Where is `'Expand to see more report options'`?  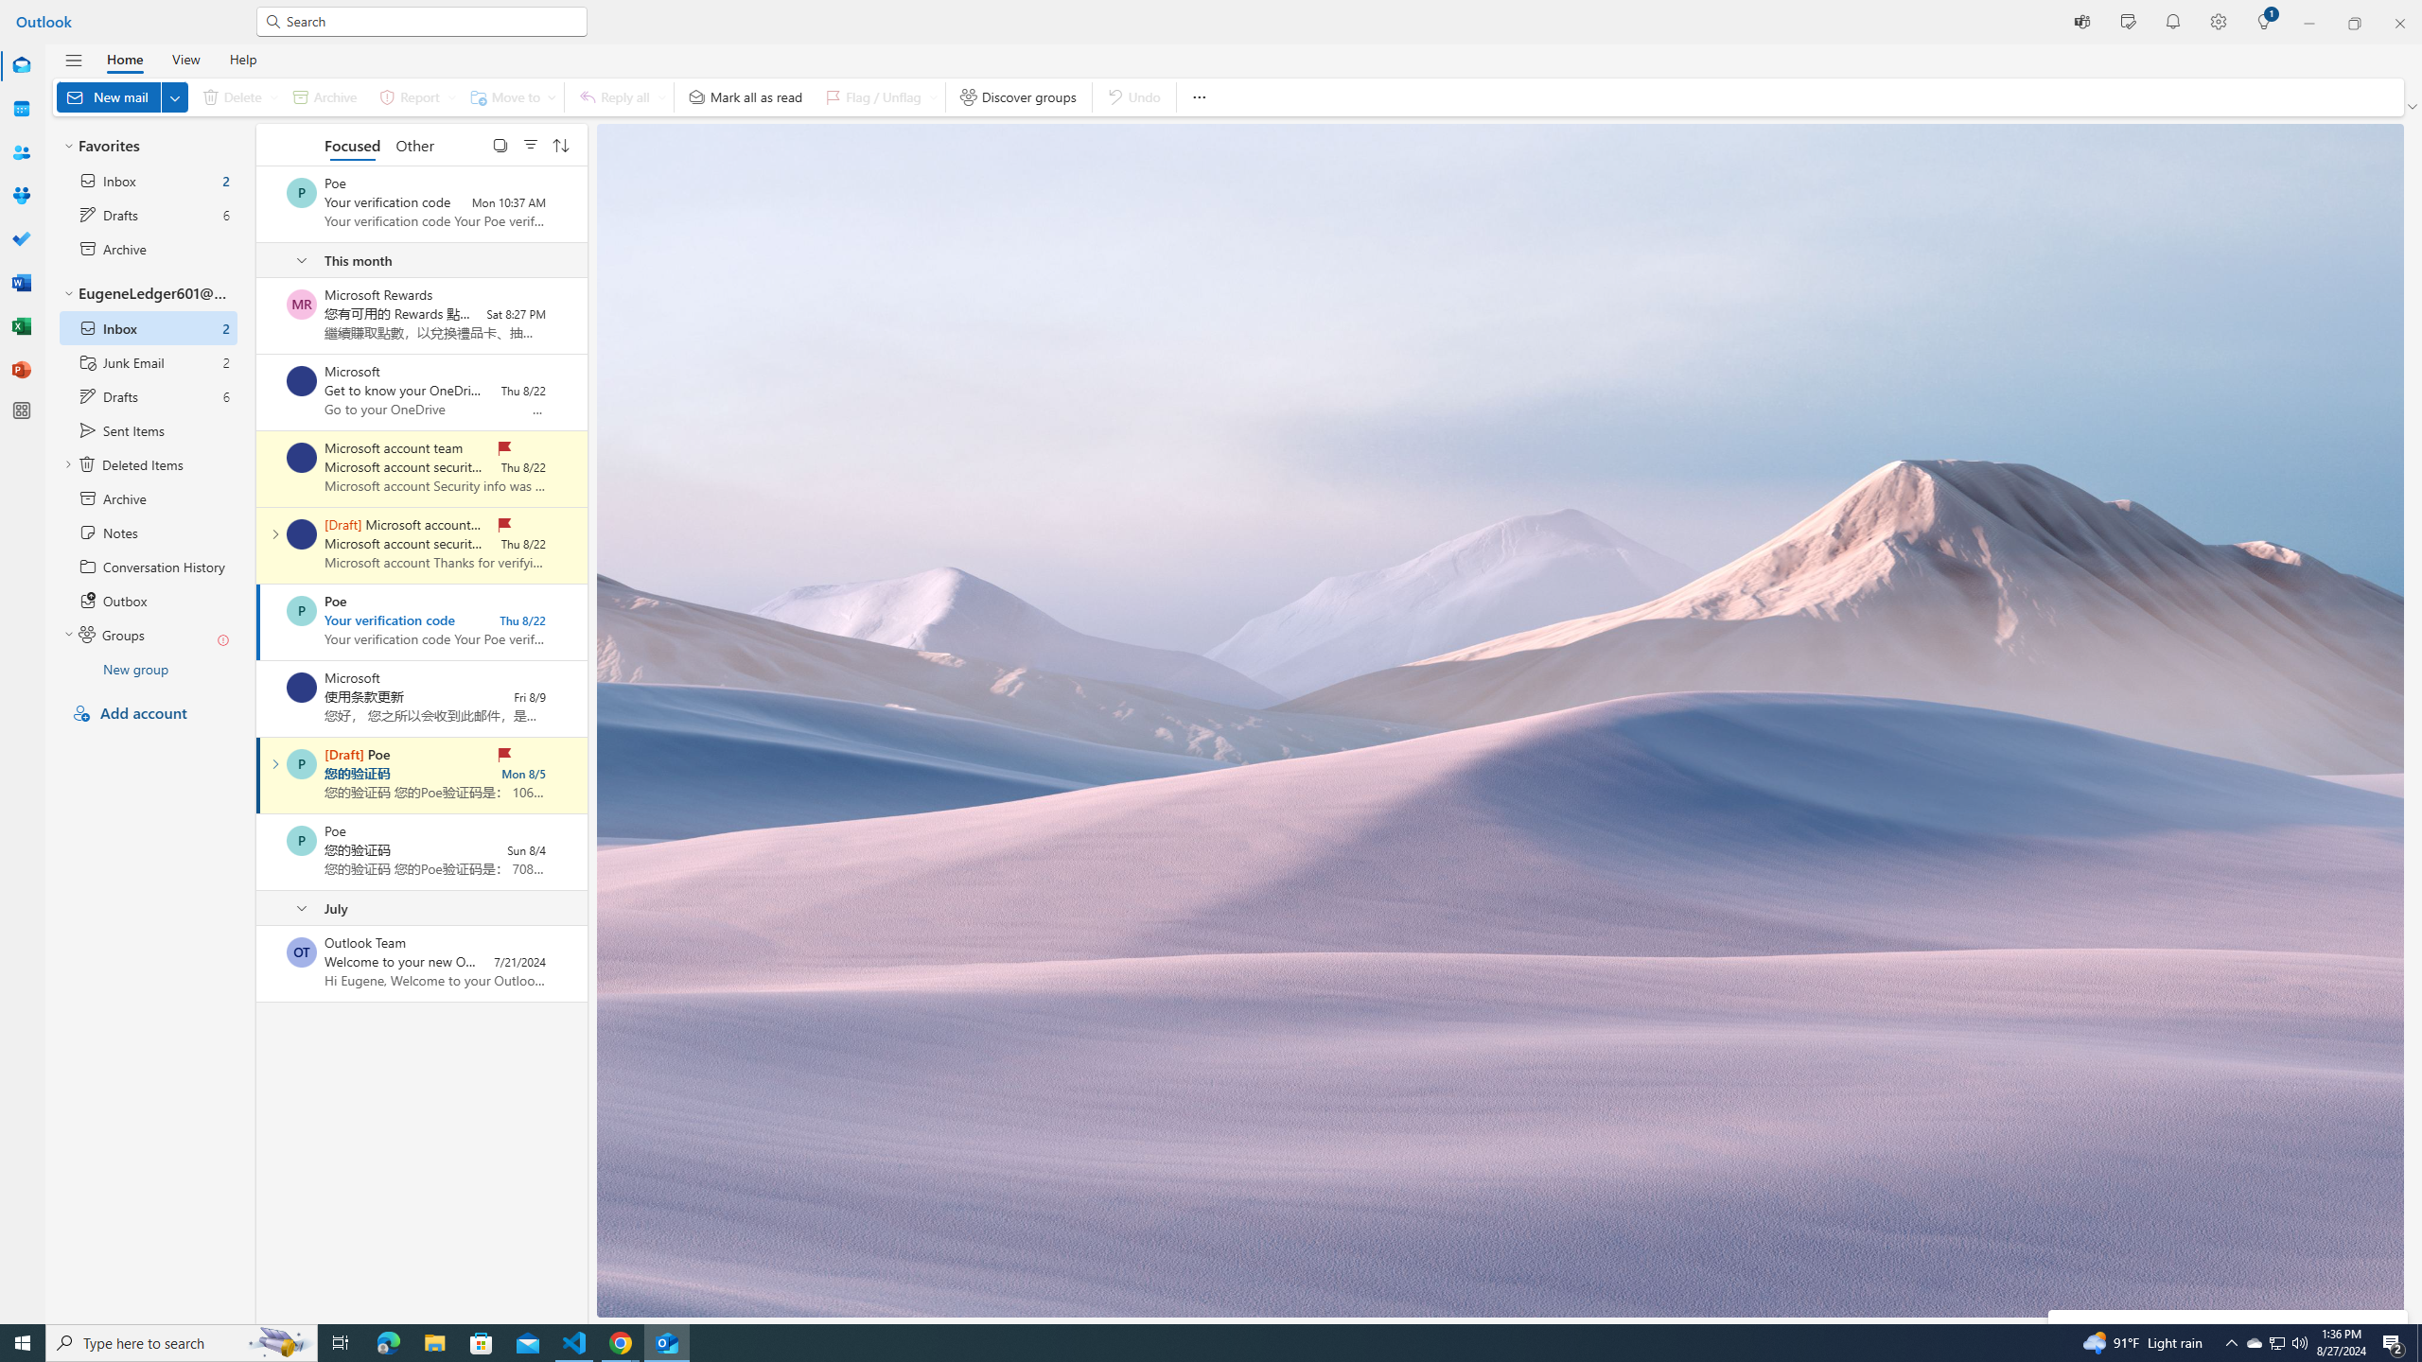 'Expand to see more report options' is located at coordinates (450, 96).